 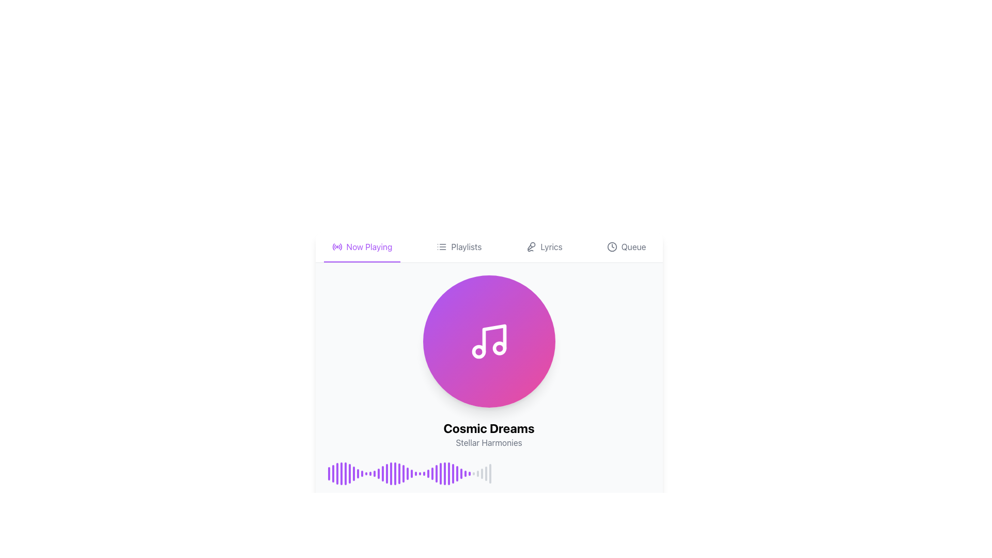 I want to click on the circular gradient background element featuring a white music note icon, so click(x=488, y=341).